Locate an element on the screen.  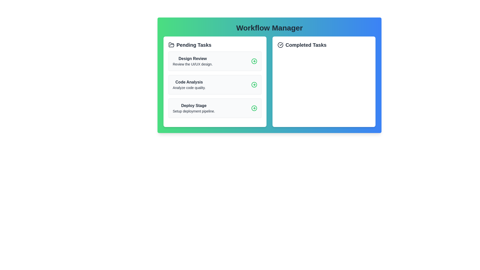
the 'Deploy Stage' Task Information Card in the 'Pending Tasks' section is located at coordinates (193, 108).